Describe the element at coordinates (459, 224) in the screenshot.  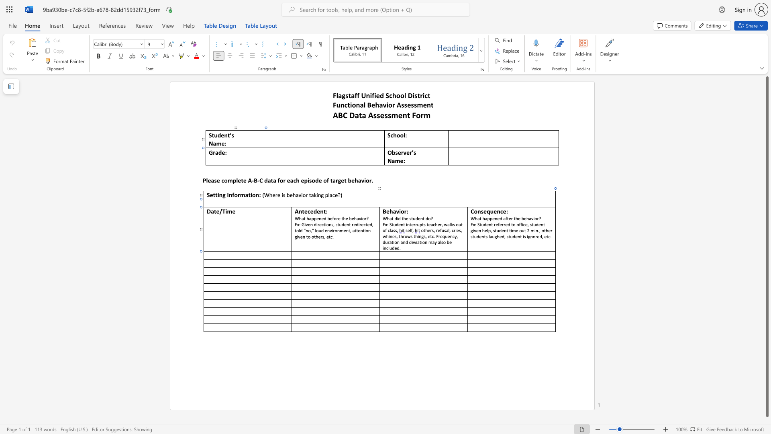
I see `the 3th character "u" in the text` at that location.